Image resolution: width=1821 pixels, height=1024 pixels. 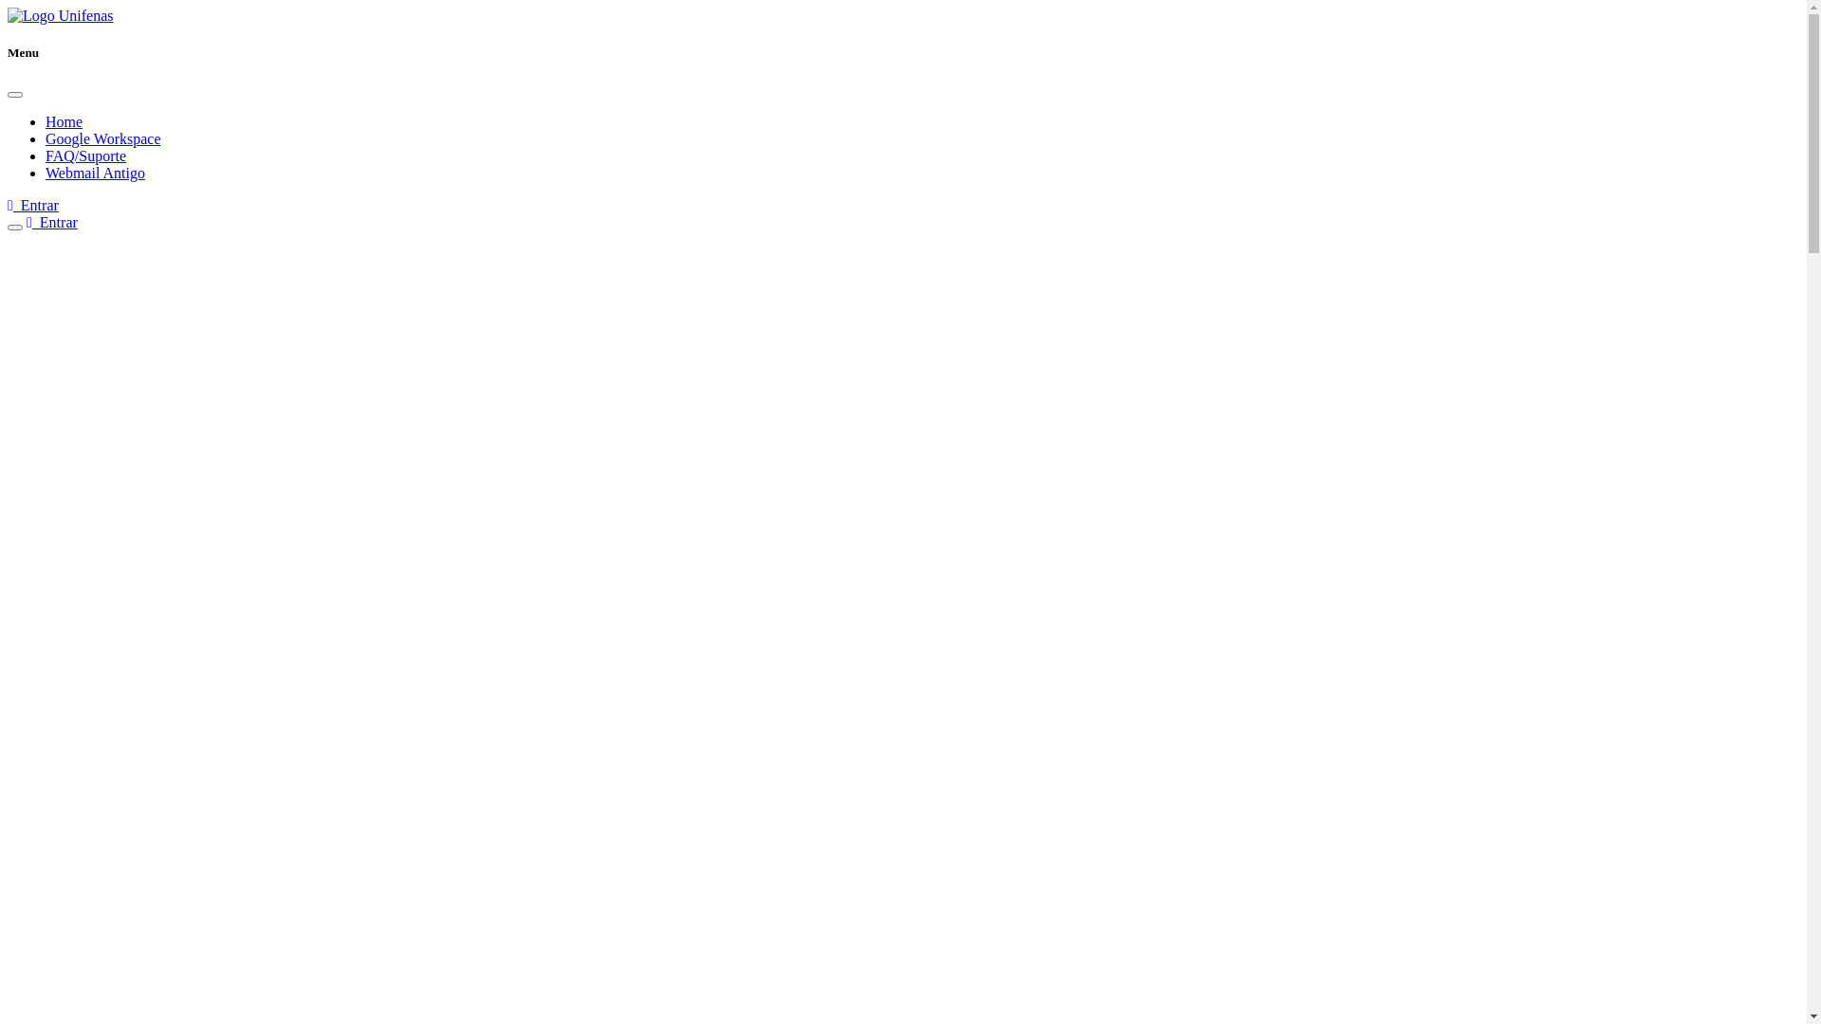 What do you see at coordinates (64, 121) in the screenshot?
I see `'Home'` at bounding box center [64, 121].